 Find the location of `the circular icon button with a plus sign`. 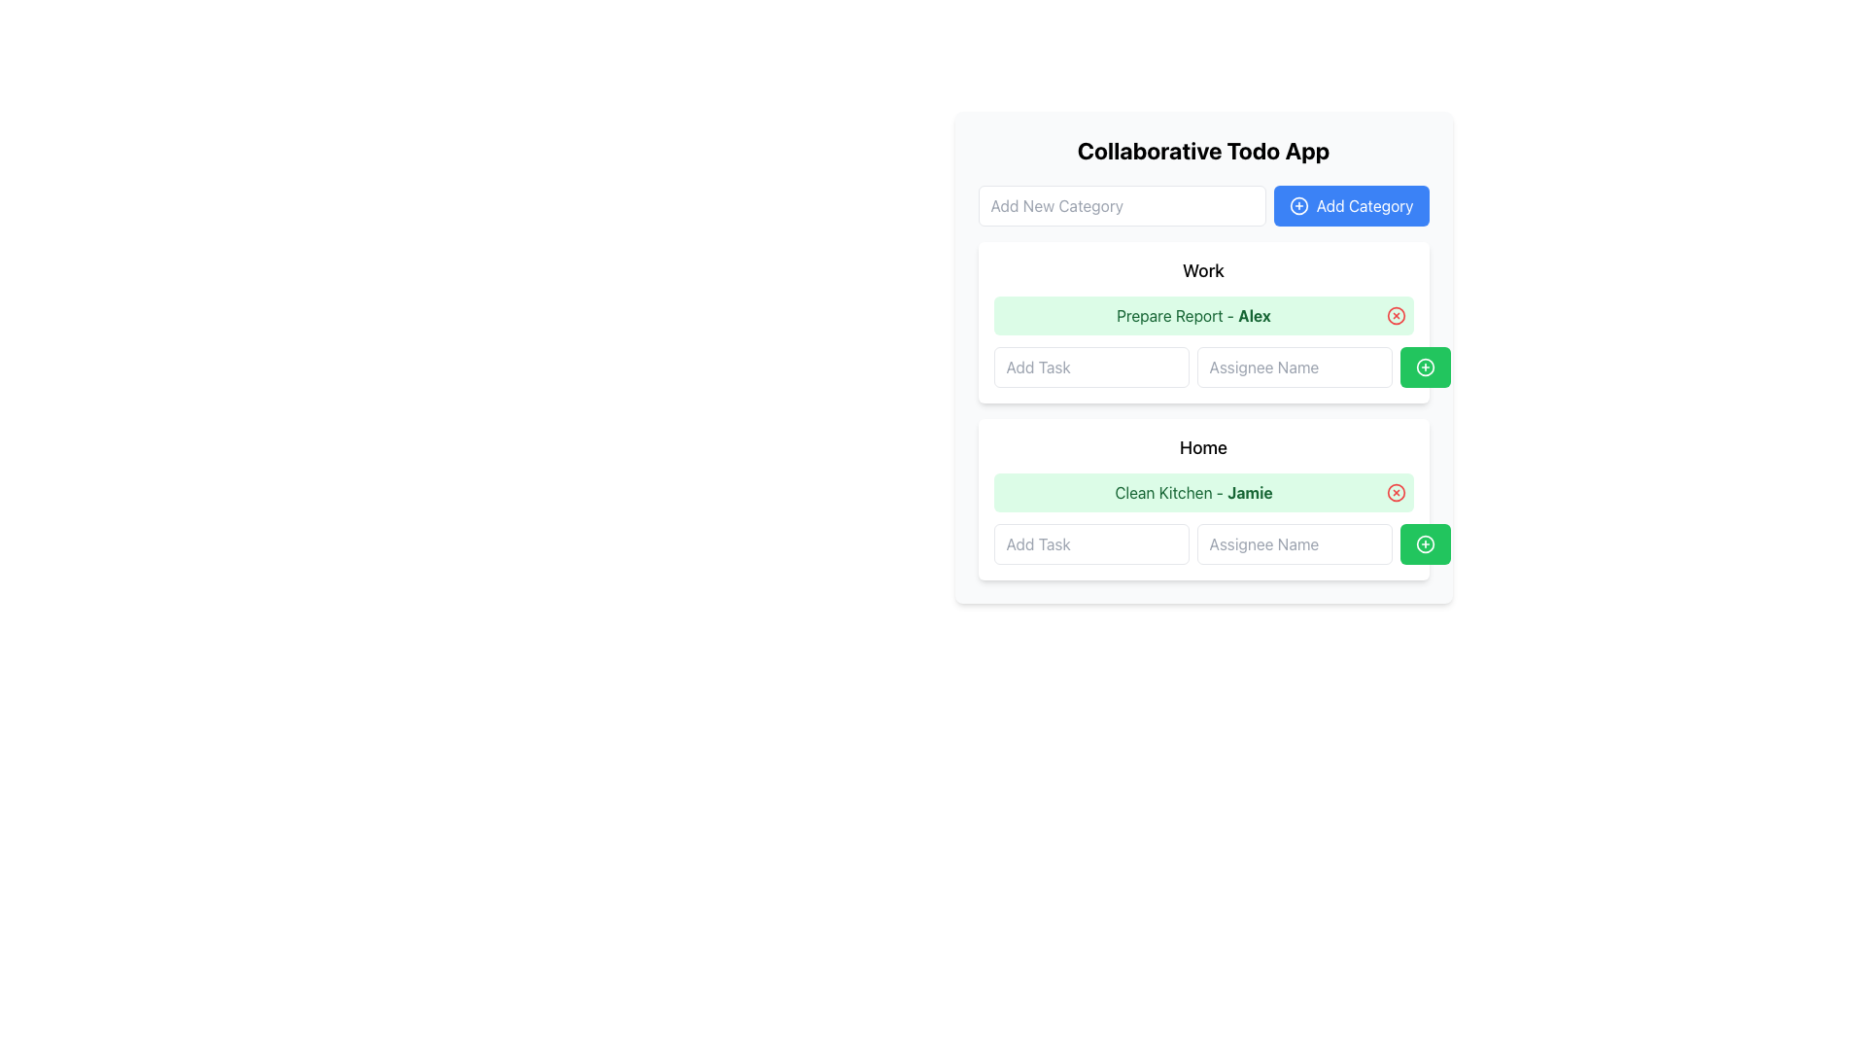

the circular icon button with a plus sign is located at coordinates (1425, 543).